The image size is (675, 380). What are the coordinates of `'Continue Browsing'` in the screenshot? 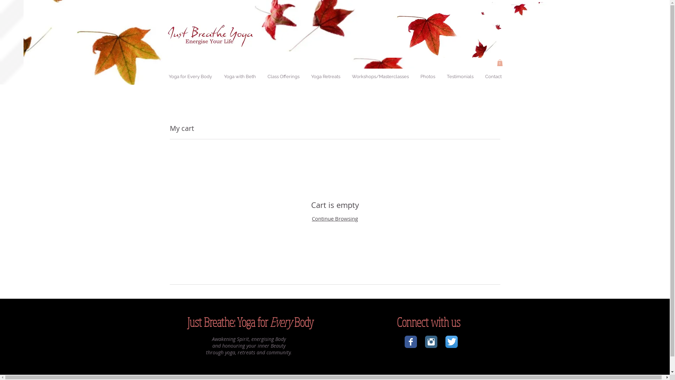 It's located at (311, 218).